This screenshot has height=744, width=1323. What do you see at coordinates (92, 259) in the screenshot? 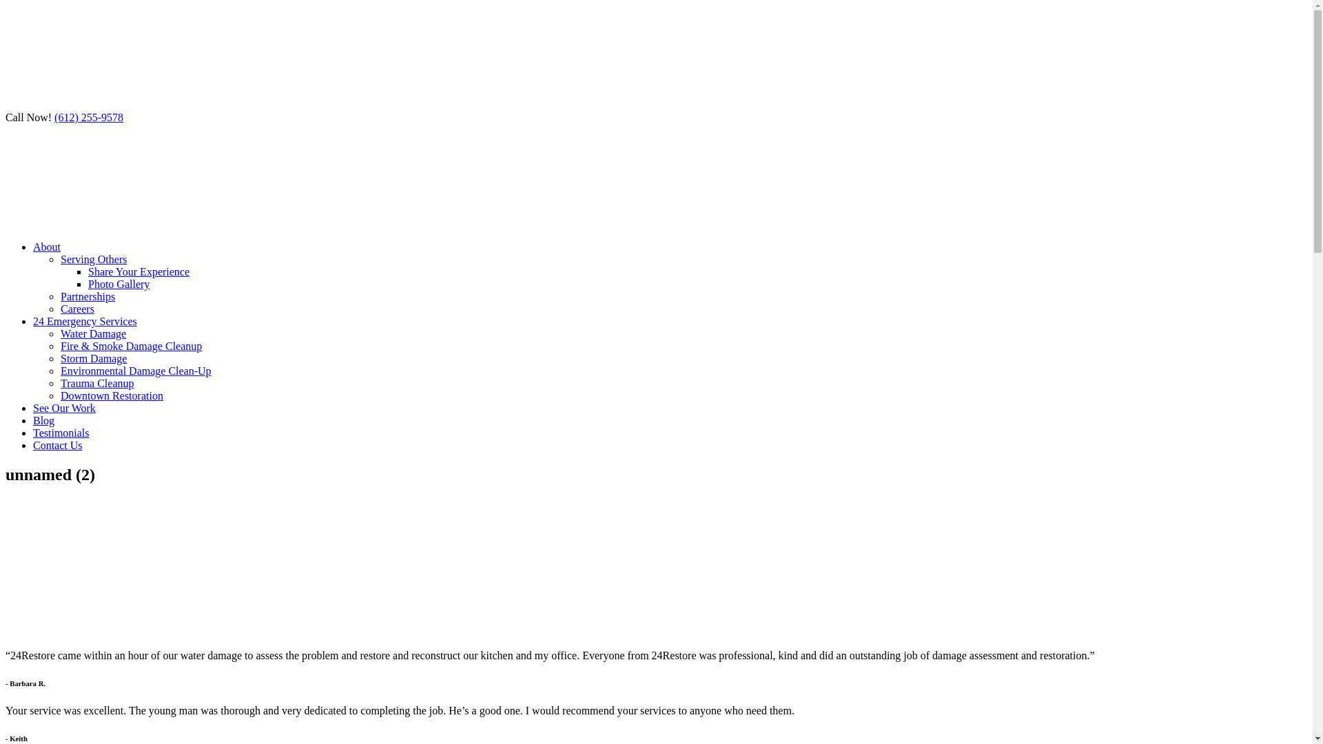
I see `'Serving Others'` at bounding box center [92, 259].